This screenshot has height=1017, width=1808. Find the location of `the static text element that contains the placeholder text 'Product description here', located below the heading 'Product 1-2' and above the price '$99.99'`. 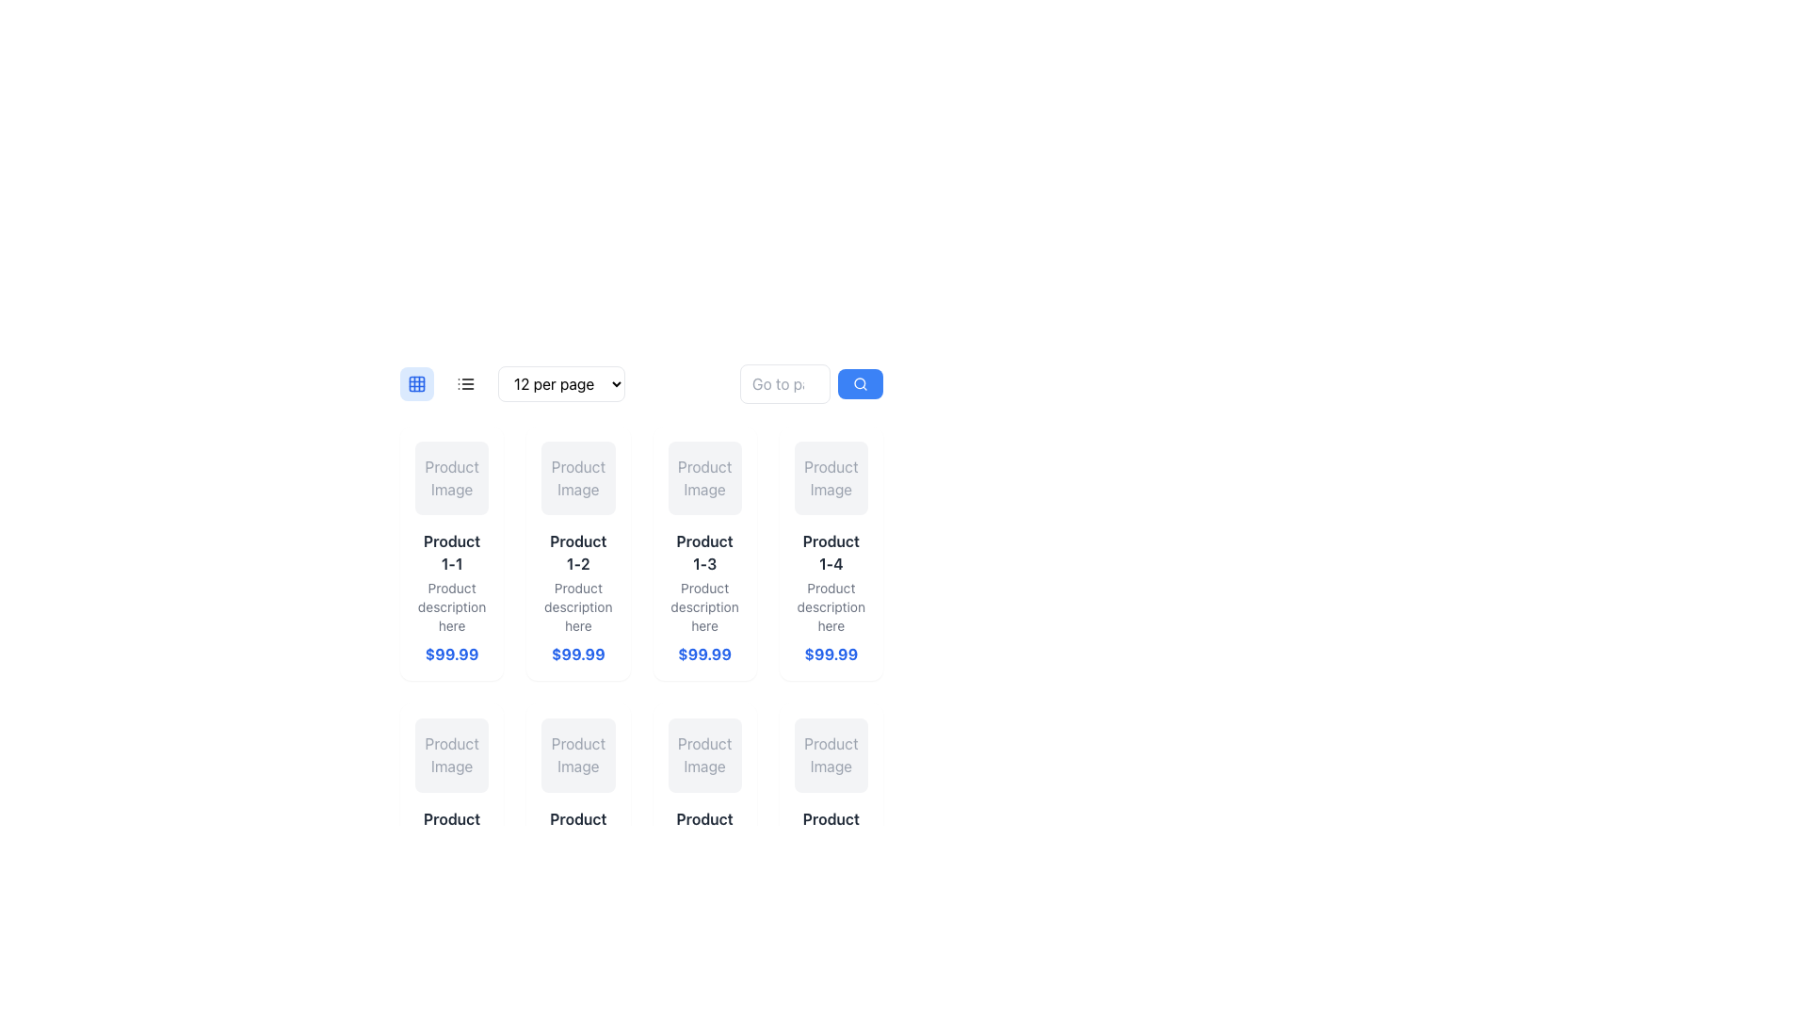

the static text element that contains the placeholder text 'Product description here', located below the heading 'Product 1-2' and above the price '$99.99' is located at coordinates (577, 607).